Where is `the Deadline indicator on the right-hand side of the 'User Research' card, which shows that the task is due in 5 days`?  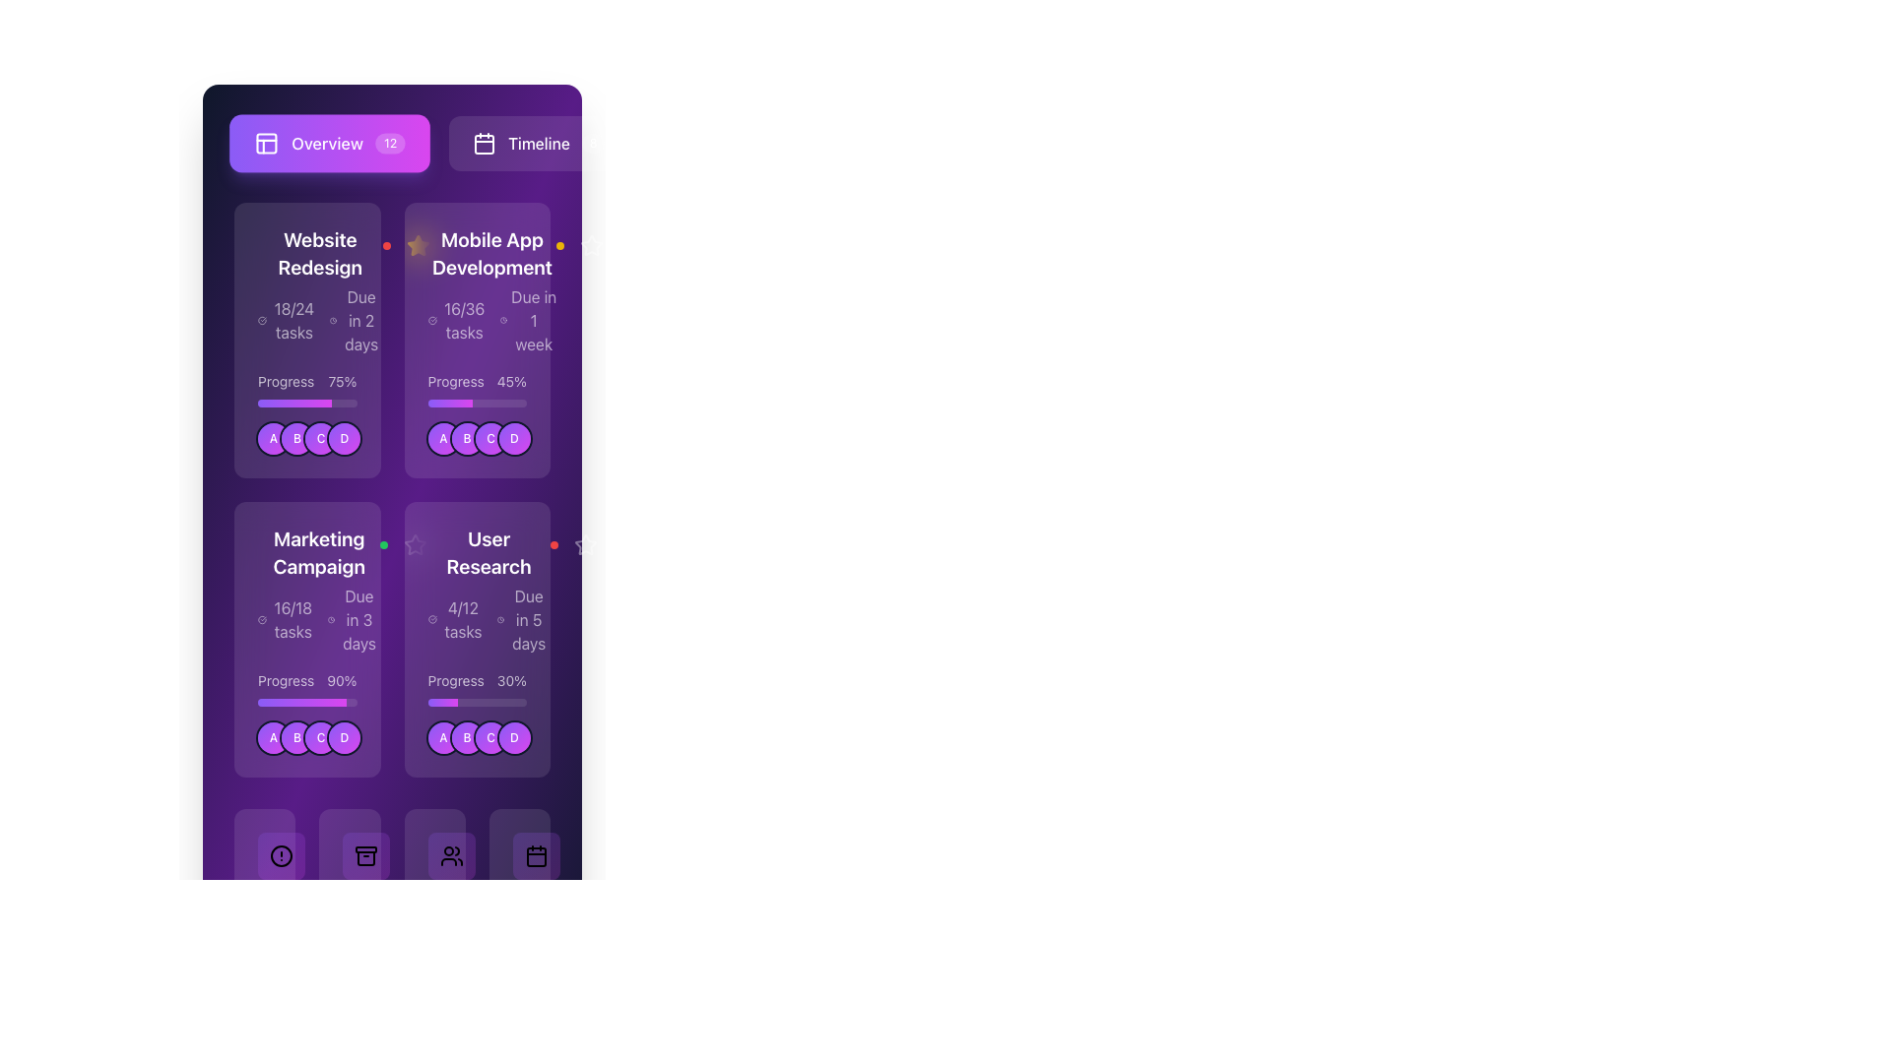 the Deadline indicator on the right-hand side of the 'User Research' card, which shows that the task is due in 5 days is located at coordinates (523, 618).